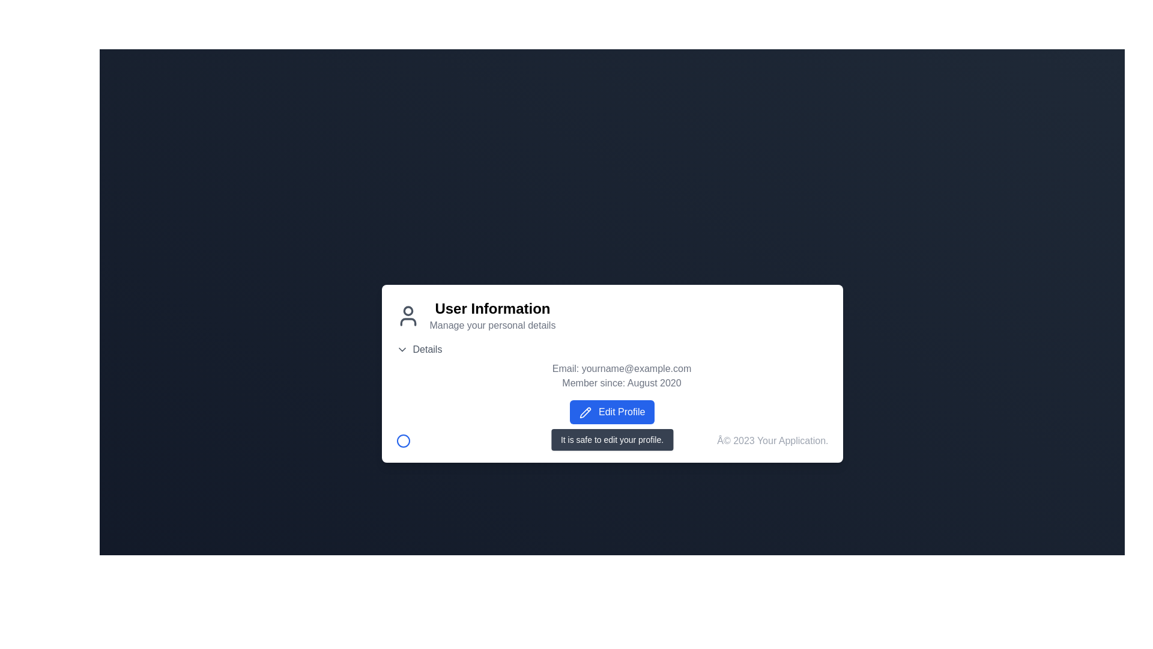 The height and width of the screenshot is (649, 1153). What do you see at coordinates (585, 412) in the screenshot?
I see `the pencil icon associated with the 'Edit Profile' button, which visually conveys the edit action and is positioned near the left edge of the button` at bounding box center [585, 412].